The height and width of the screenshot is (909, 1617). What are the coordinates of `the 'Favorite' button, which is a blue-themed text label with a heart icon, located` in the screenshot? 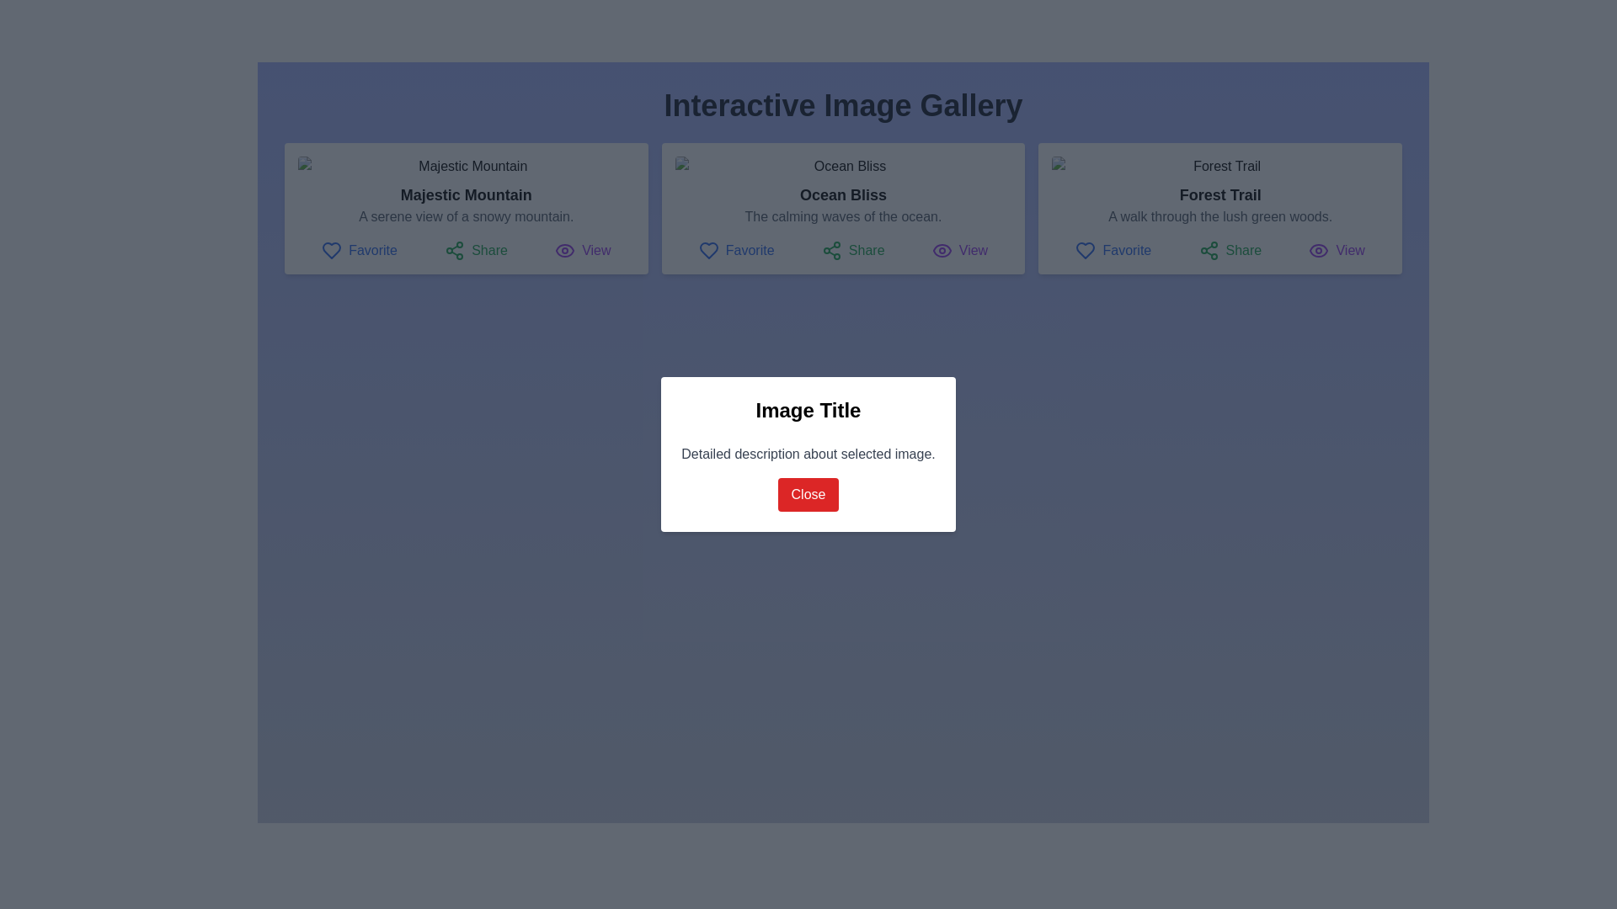 It's located at (735, 250).